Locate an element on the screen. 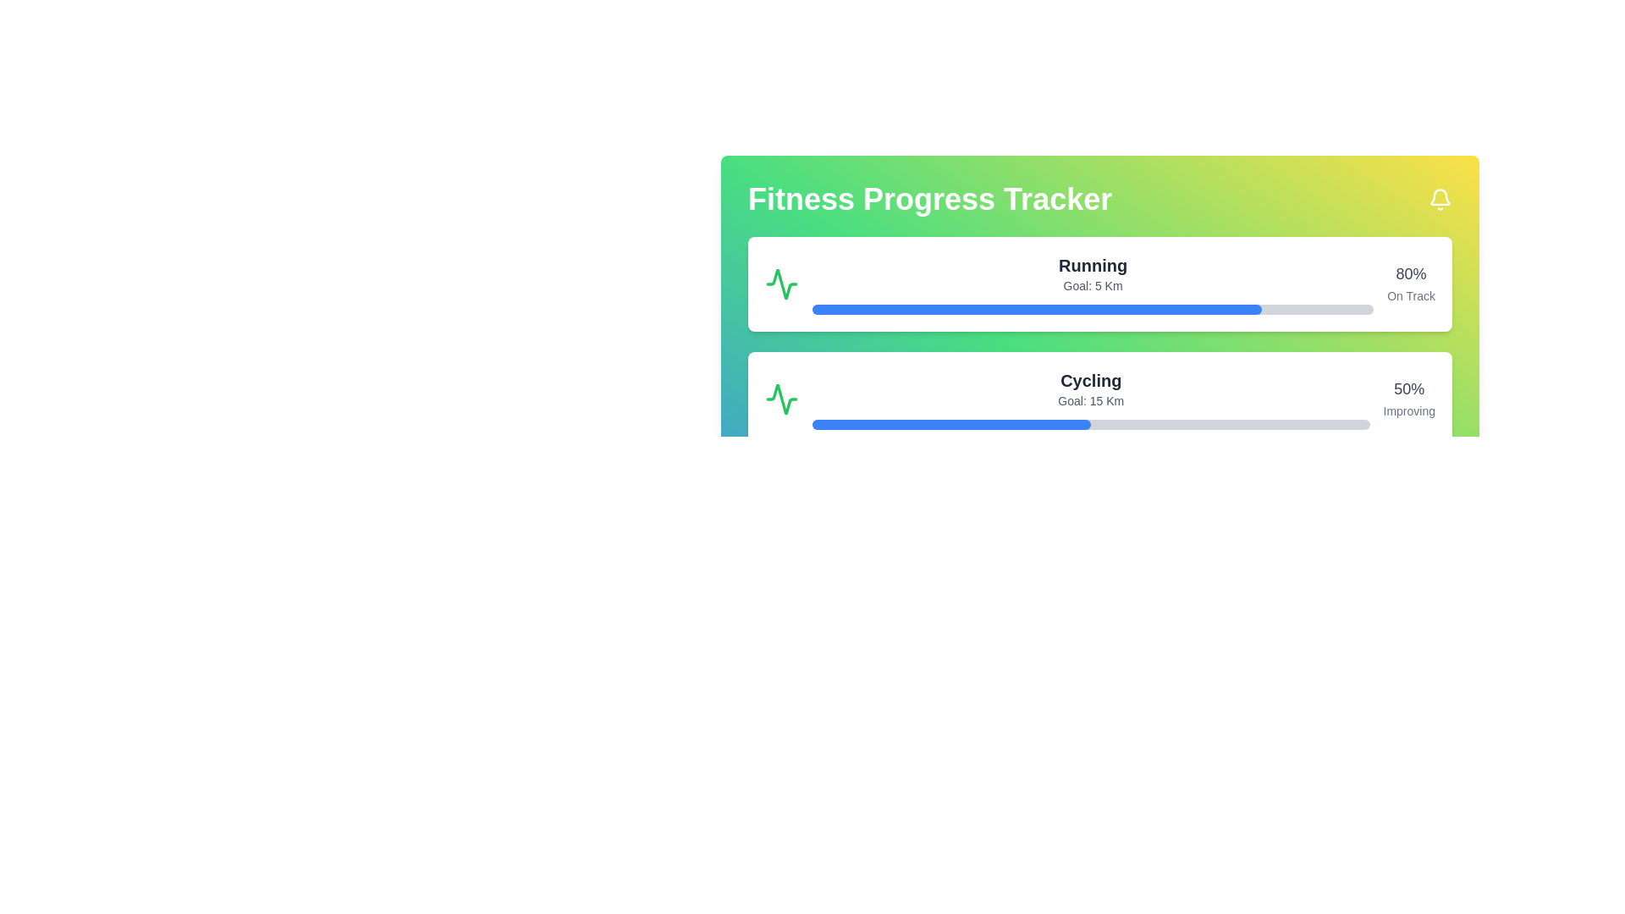  text for the cycling goal and status displayed in the composite component showing 'Cycling' and 'Goal: 15 Km' is located at coordinates (1091, 399).